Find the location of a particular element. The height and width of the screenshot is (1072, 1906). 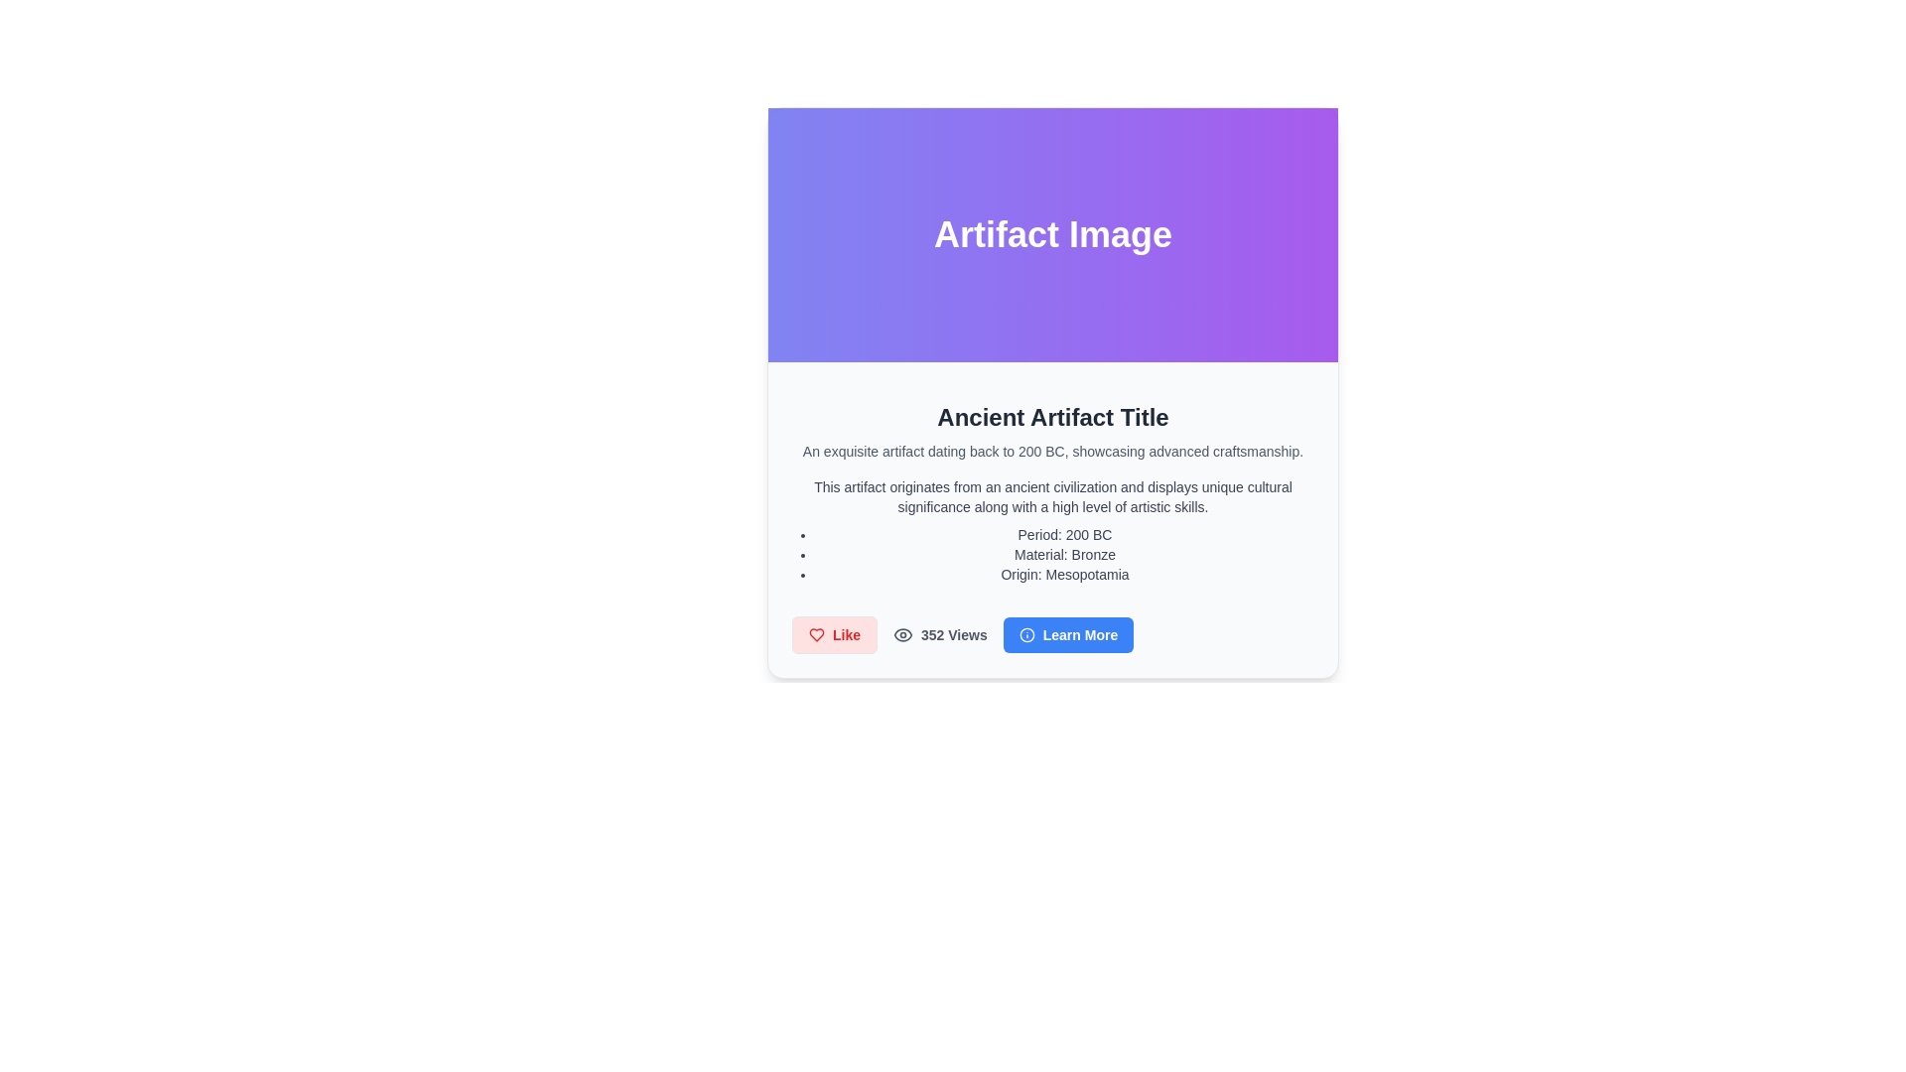

the informational text element displaying '352 Views' with an eye icon, located in the center-lower section of a card layout, between the 'Like' button and the 'Learn More' button is located at coordinates (939, 635).